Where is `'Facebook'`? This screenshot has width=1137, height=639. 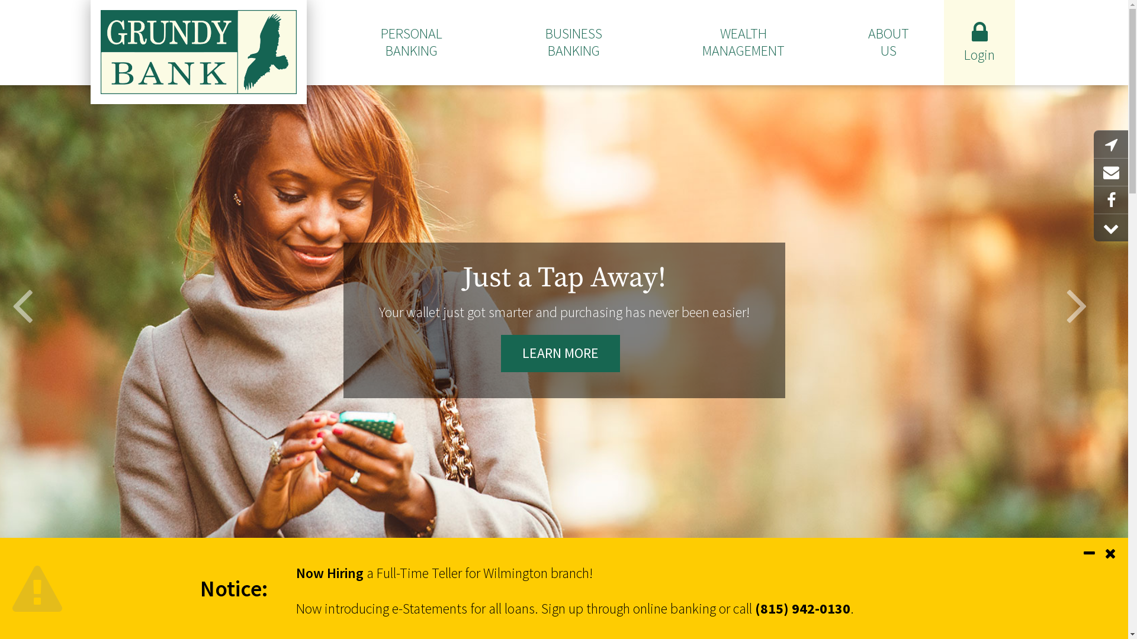 'Facebook' is located at coordinates (1110, 199).